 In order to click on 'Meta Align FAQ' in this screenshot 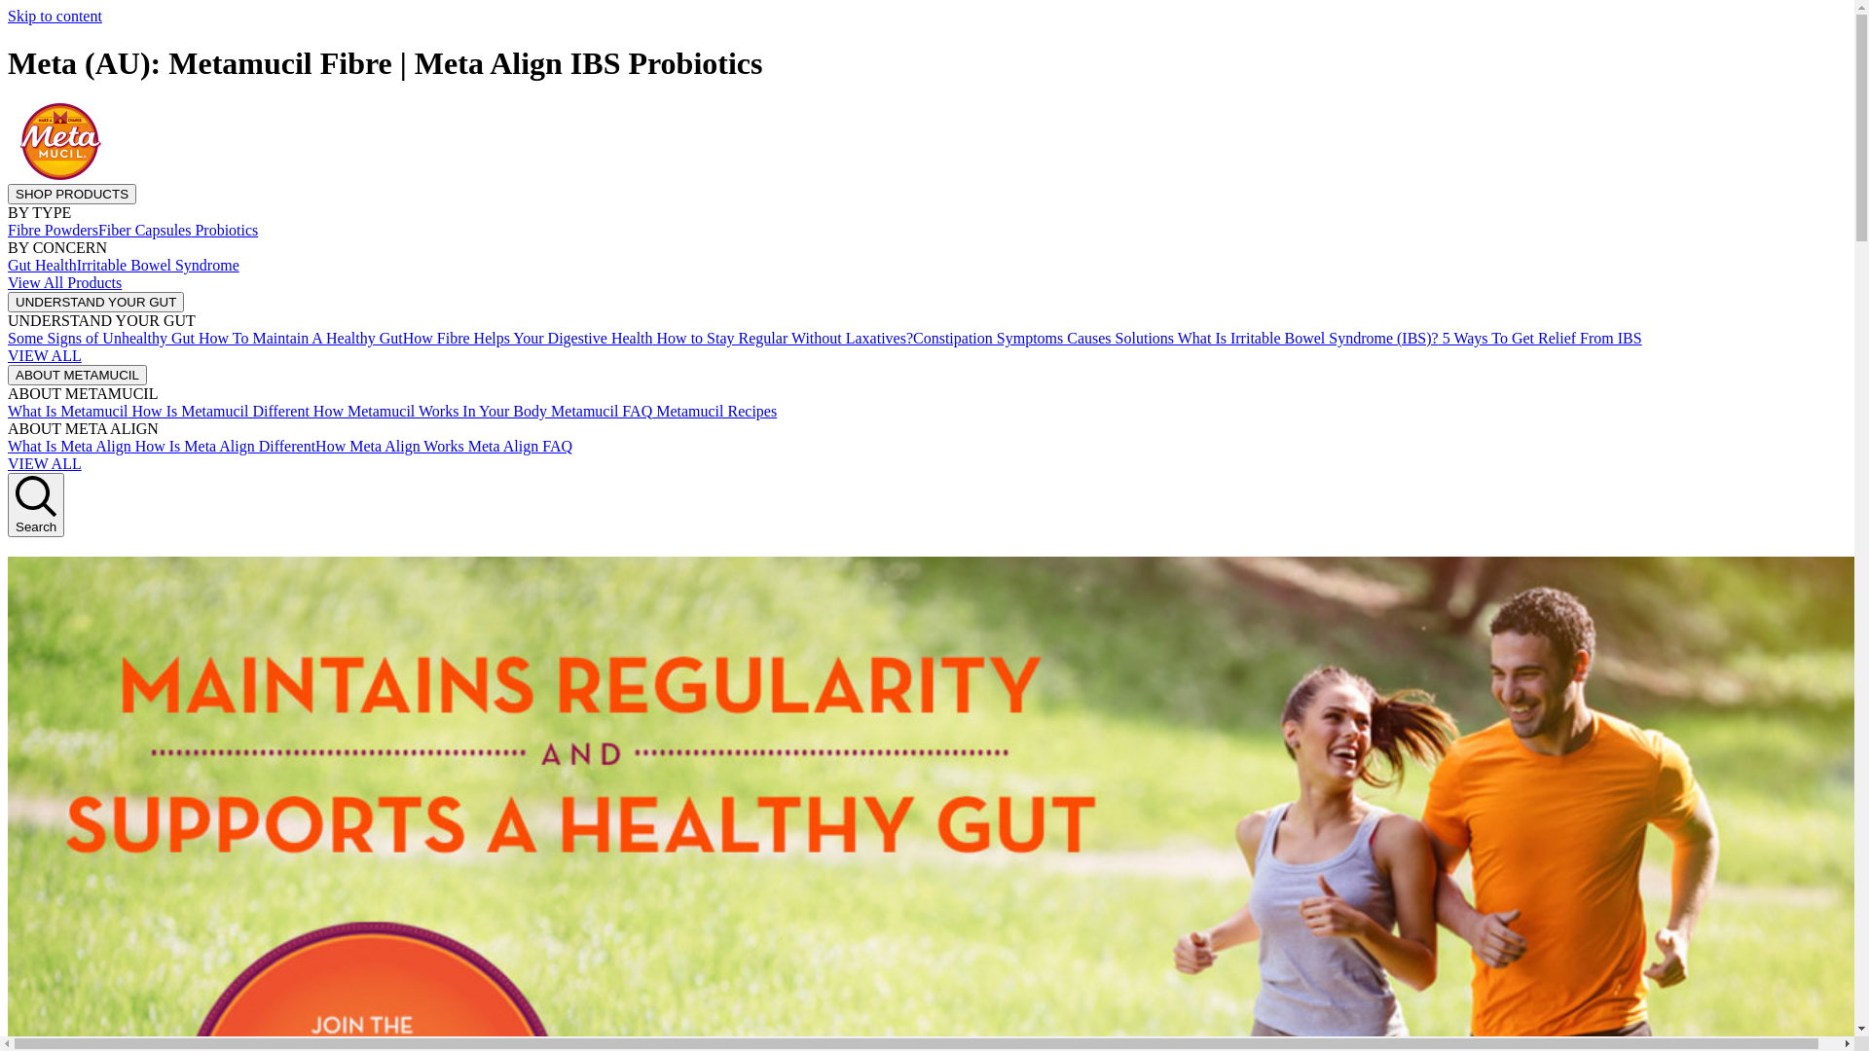, I will do `click(518, 446)`.